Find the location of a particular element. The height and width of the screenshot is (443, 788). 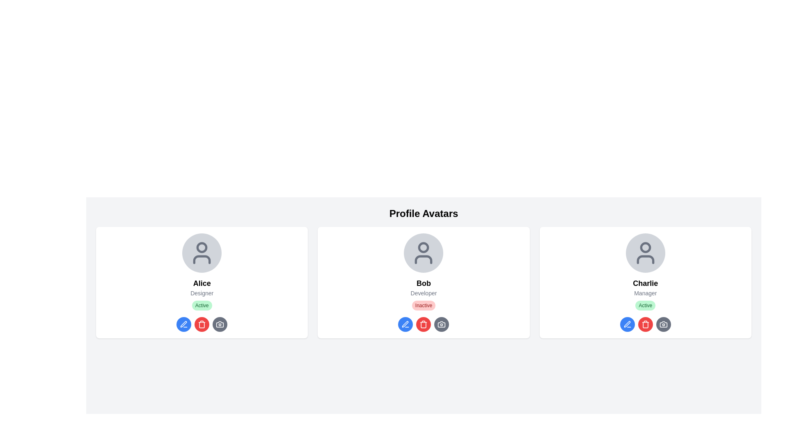

the bold, large-size text label 'Alice' in the profile card is located at coordinates (202, 283).